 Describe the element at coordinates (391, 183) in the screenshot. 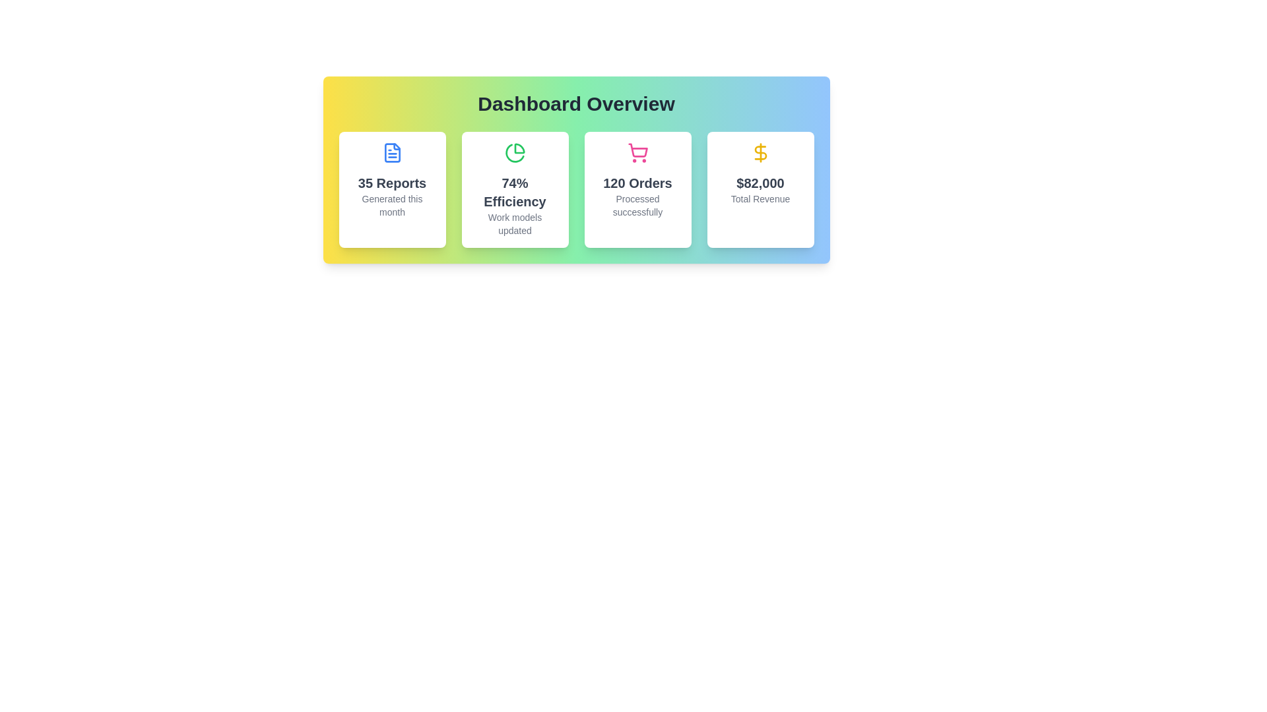

I see `the text label displaying '35 Reports', which is a large bold dark gray text positioned centrally in the leftmost summary card, located above 'Generated this month' and below a blue document icon` at that location.